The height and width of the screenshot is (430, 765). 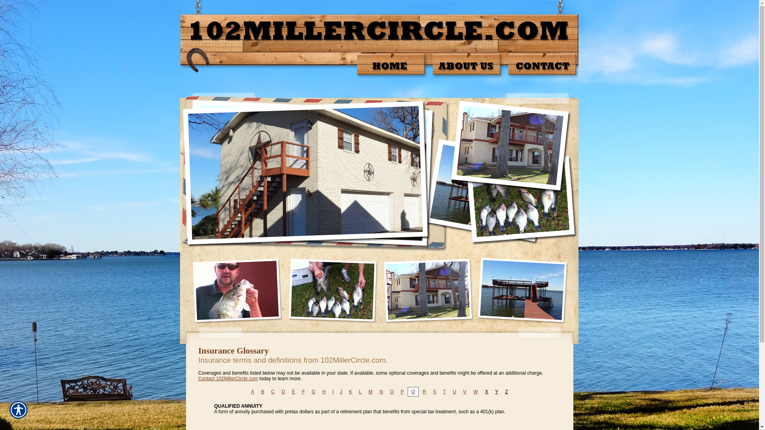 What do you see at coordinates (322, 391) in the screenshot?
I see `'H'` at bounding box center [322, 391].